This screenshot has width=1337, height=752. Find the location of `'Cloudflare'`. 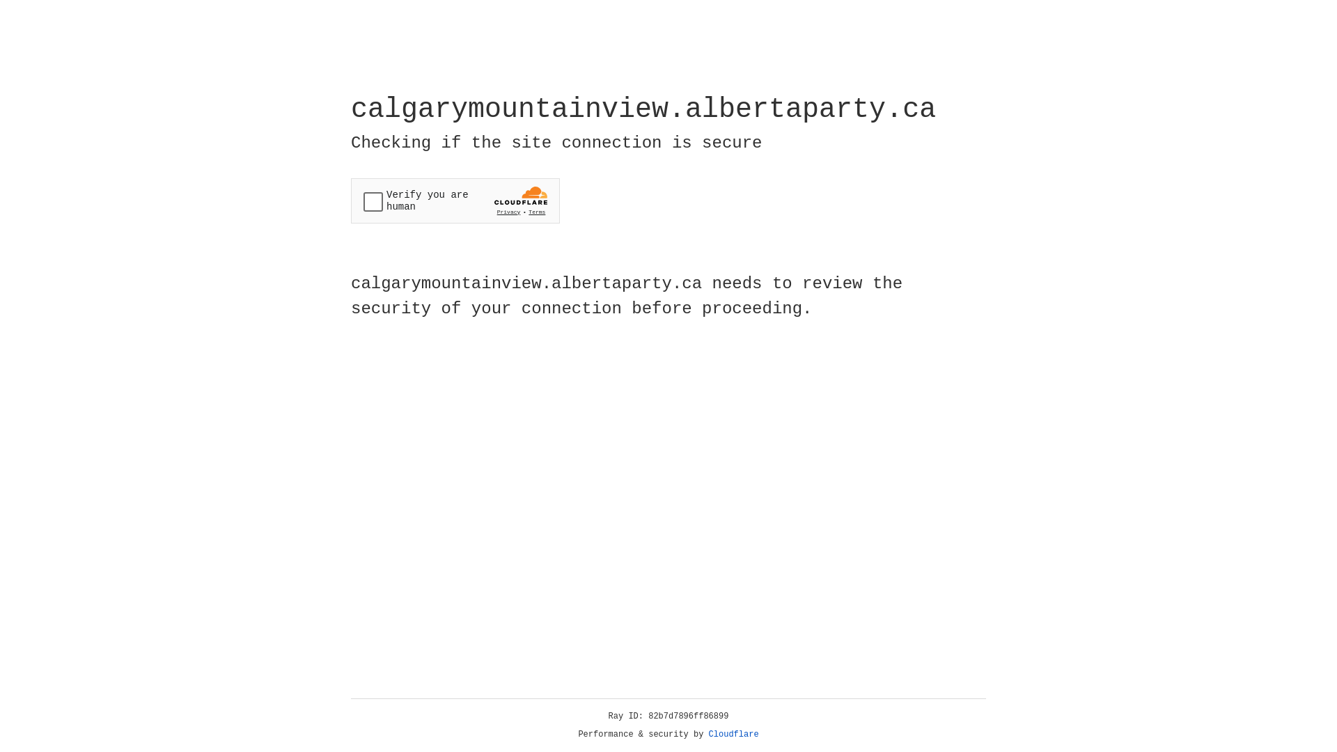

'Cloudflare' is located at coordinates (708, 734).